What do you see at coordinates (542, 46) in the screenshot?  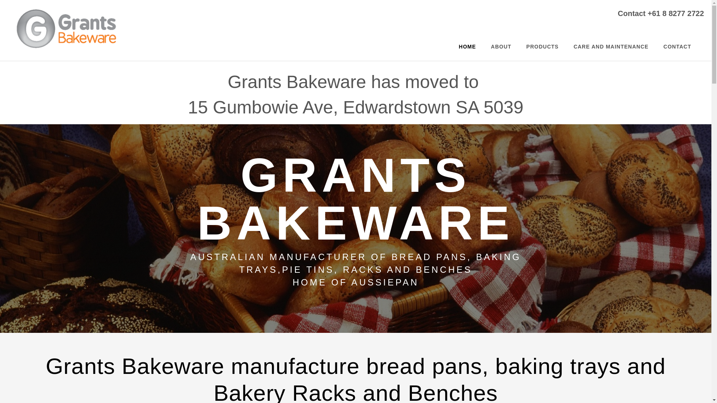 I see `'PRODUCTS'` at bounding box center [542, 46].